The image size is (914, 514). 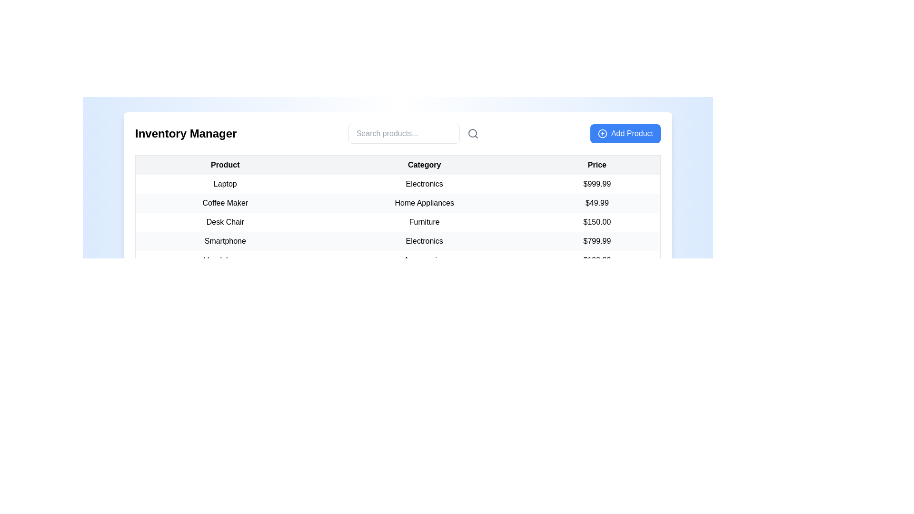 What do you see at coordinates (596, 164) in the screenshot?
I see `the 'Price' column header label in the table, which serves to indicate the content of the price column for the items listed below` at bounding box center [596, 164].